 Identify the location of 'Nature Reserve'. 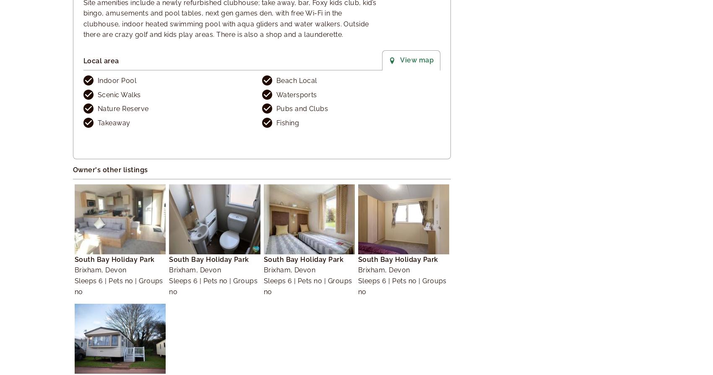
(123, 109).